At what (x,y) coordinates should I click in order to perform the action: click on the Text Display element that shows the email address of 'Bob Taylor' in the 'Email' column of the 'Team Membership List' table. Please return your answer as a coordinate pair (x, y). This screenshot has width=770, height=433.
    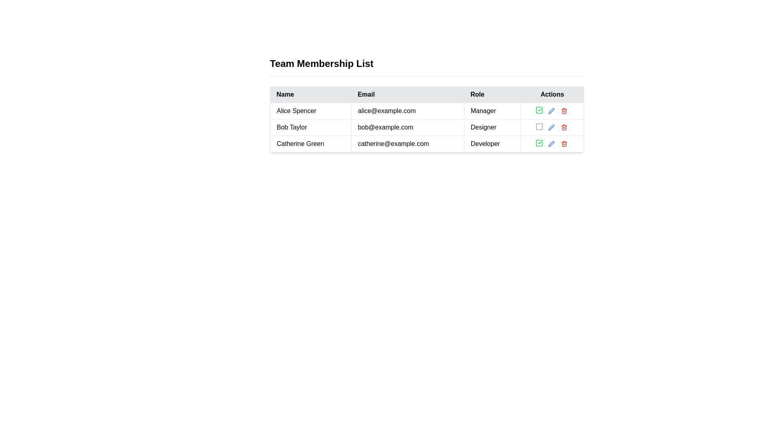
    Looking at the image, I should click on (407, 127).